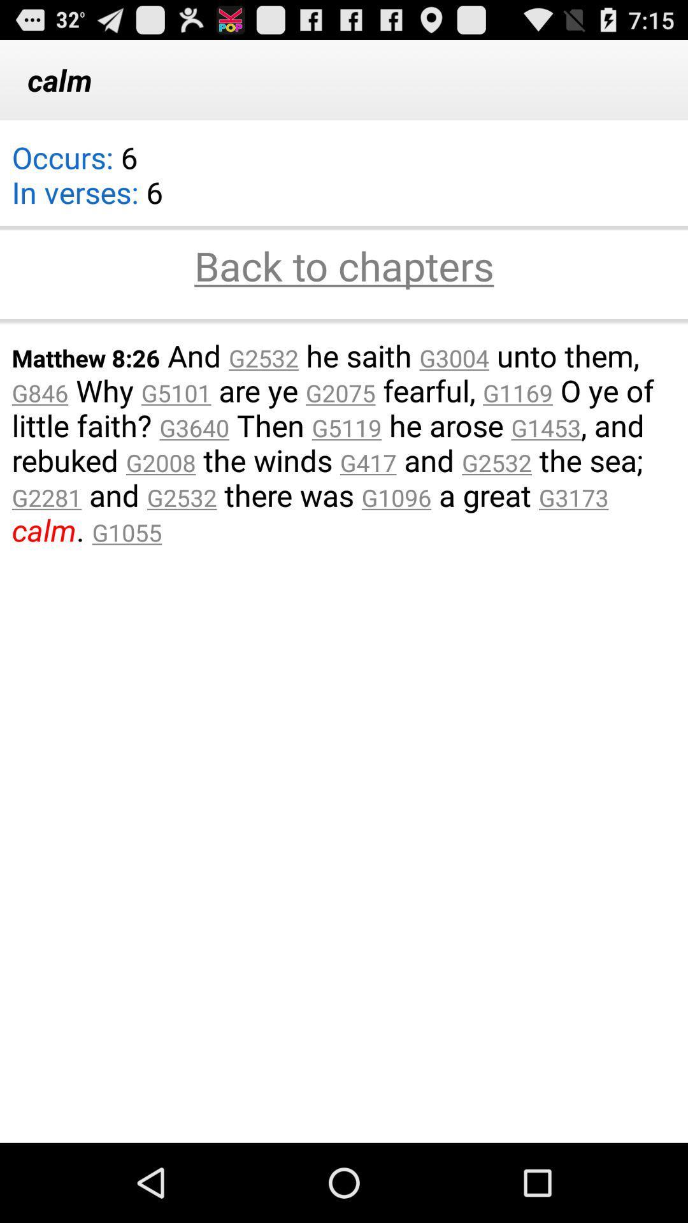 This screenshot has width=688, height=1223. What do you see at coordinates (344, 320) in the screenshot?
I see `item below back to chapters` at bounding box center [344, 320].